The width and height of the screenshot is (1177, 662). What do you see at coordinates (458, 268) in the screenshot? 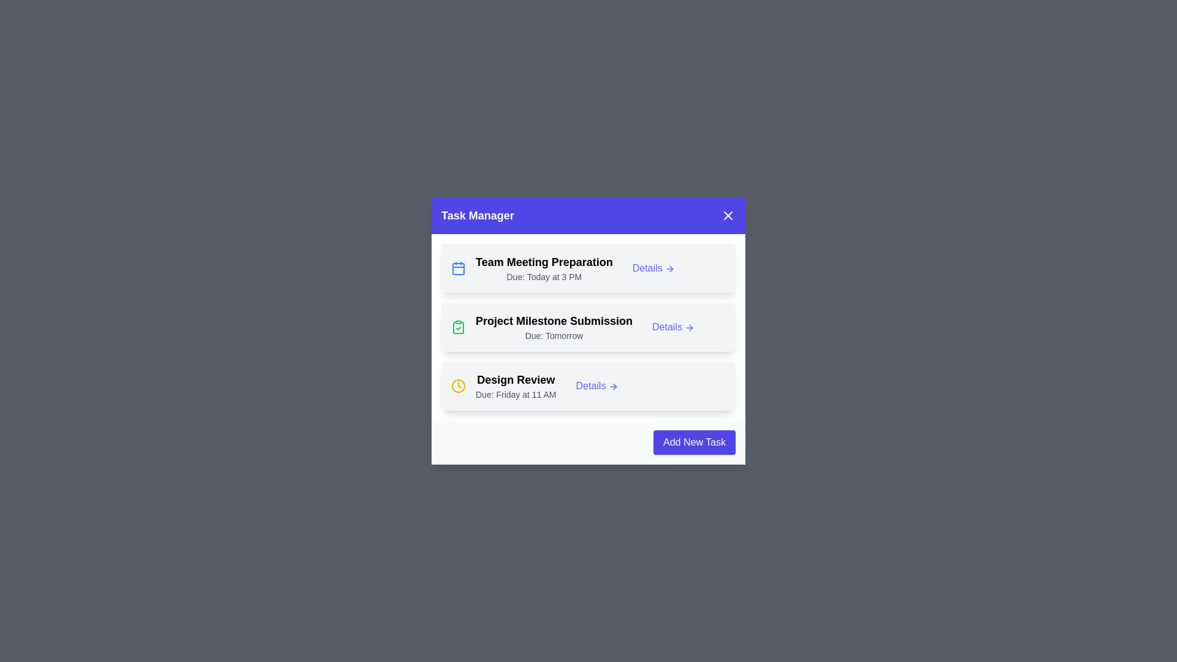
I see `the small rectangle with rounded corners inside the calendar icon, which has blue outlines and a white fill` at bounding box center [458, 268].